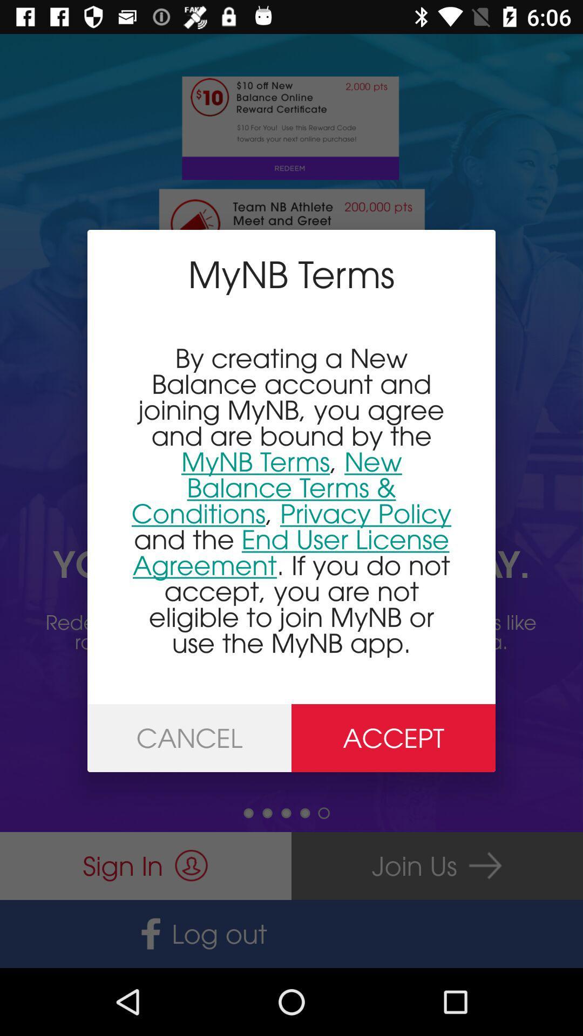 This screenshot has height=1036, width=583. Describe the element at coordinates (291, 500) in the screenshot. I see `by creating a item` at that location.